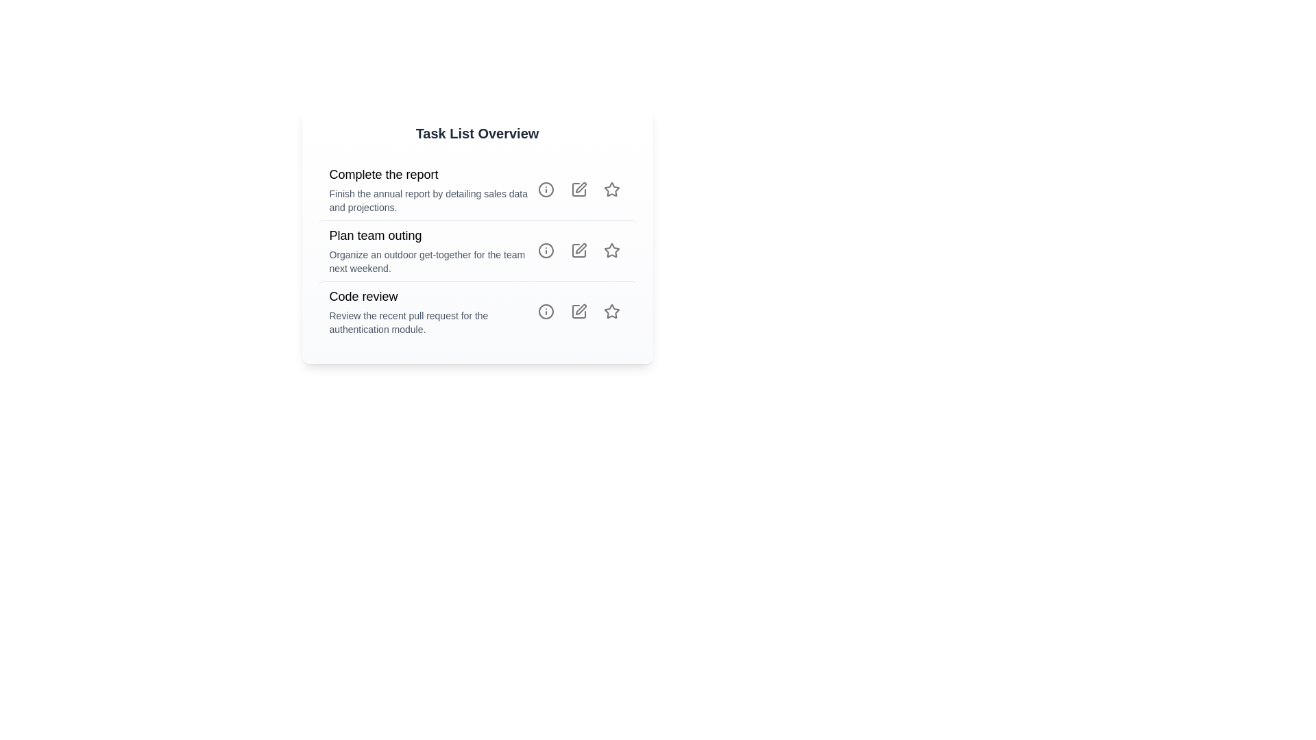 The height and width of the screenshot is (740, 1316). What do you see at coordinates (578, 312) in the screenshot?
I see `the pen icon in the 'Code review' task row for actions like editing, located to the right of the row's text and to the left of the star icon` at bounding box center [578, 312].